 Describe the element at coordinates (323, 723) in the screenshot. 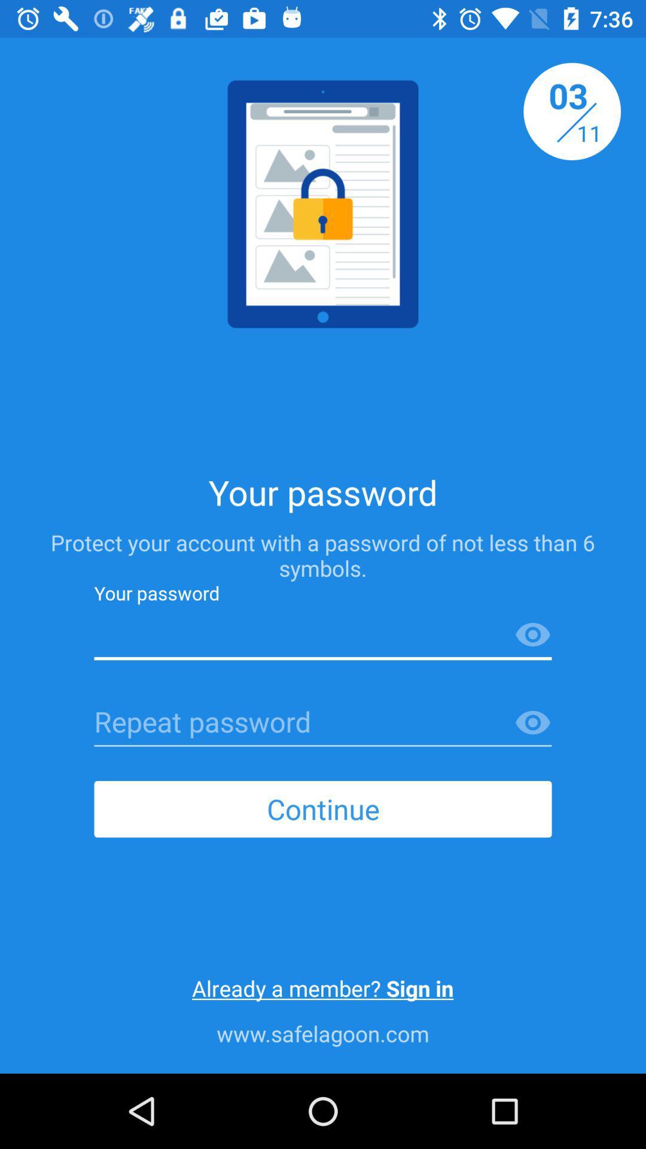

I see `repeat password` at that location.